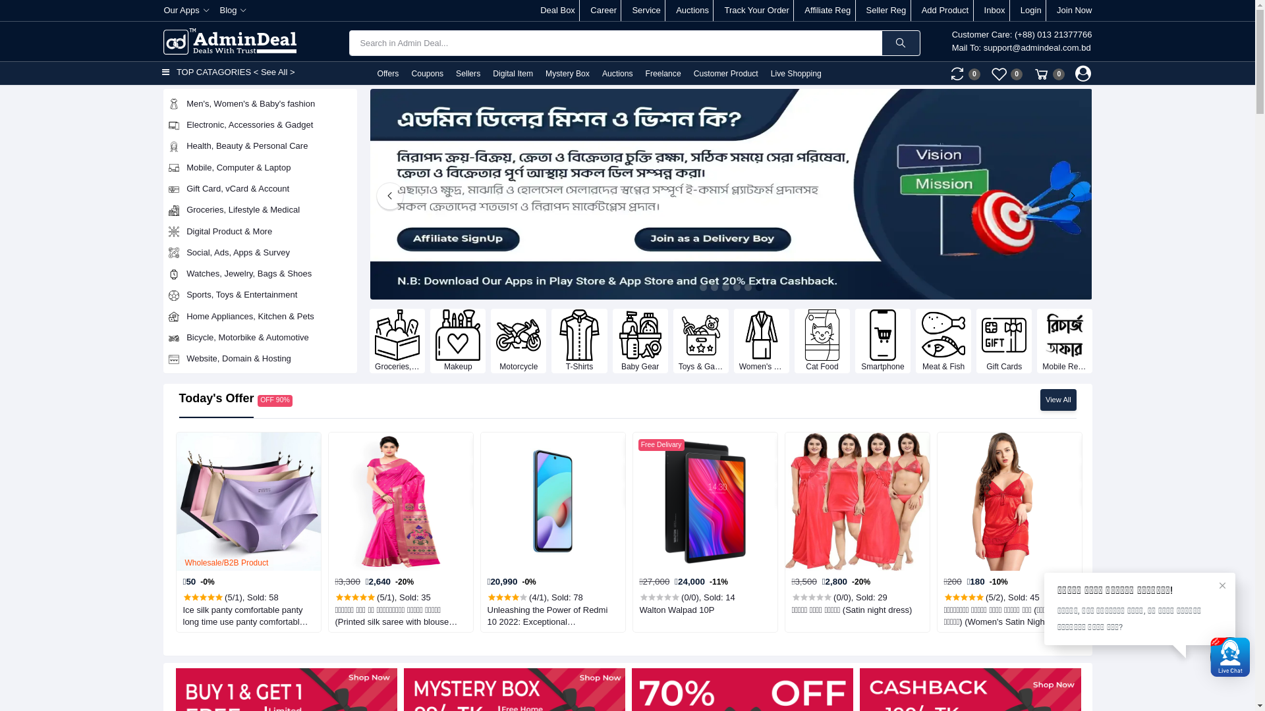  I want to click on 'Website, Domain & Hosting', so click(260, 358).